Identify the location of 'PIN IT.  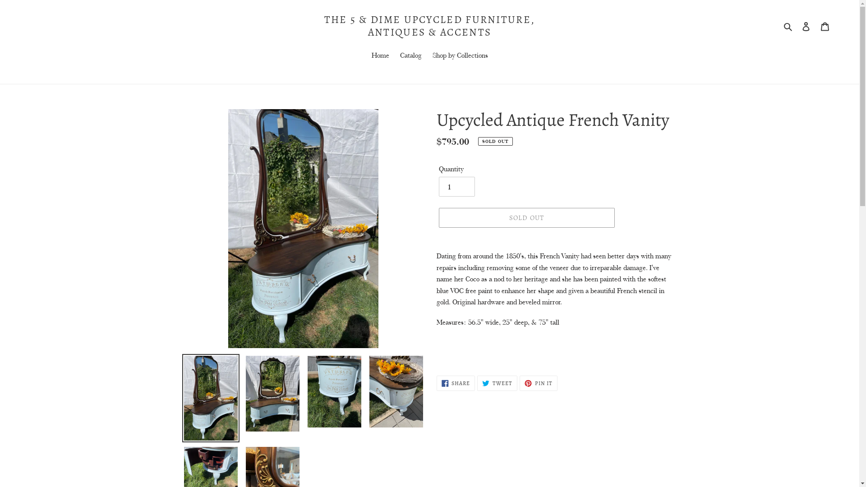
(539, 383).